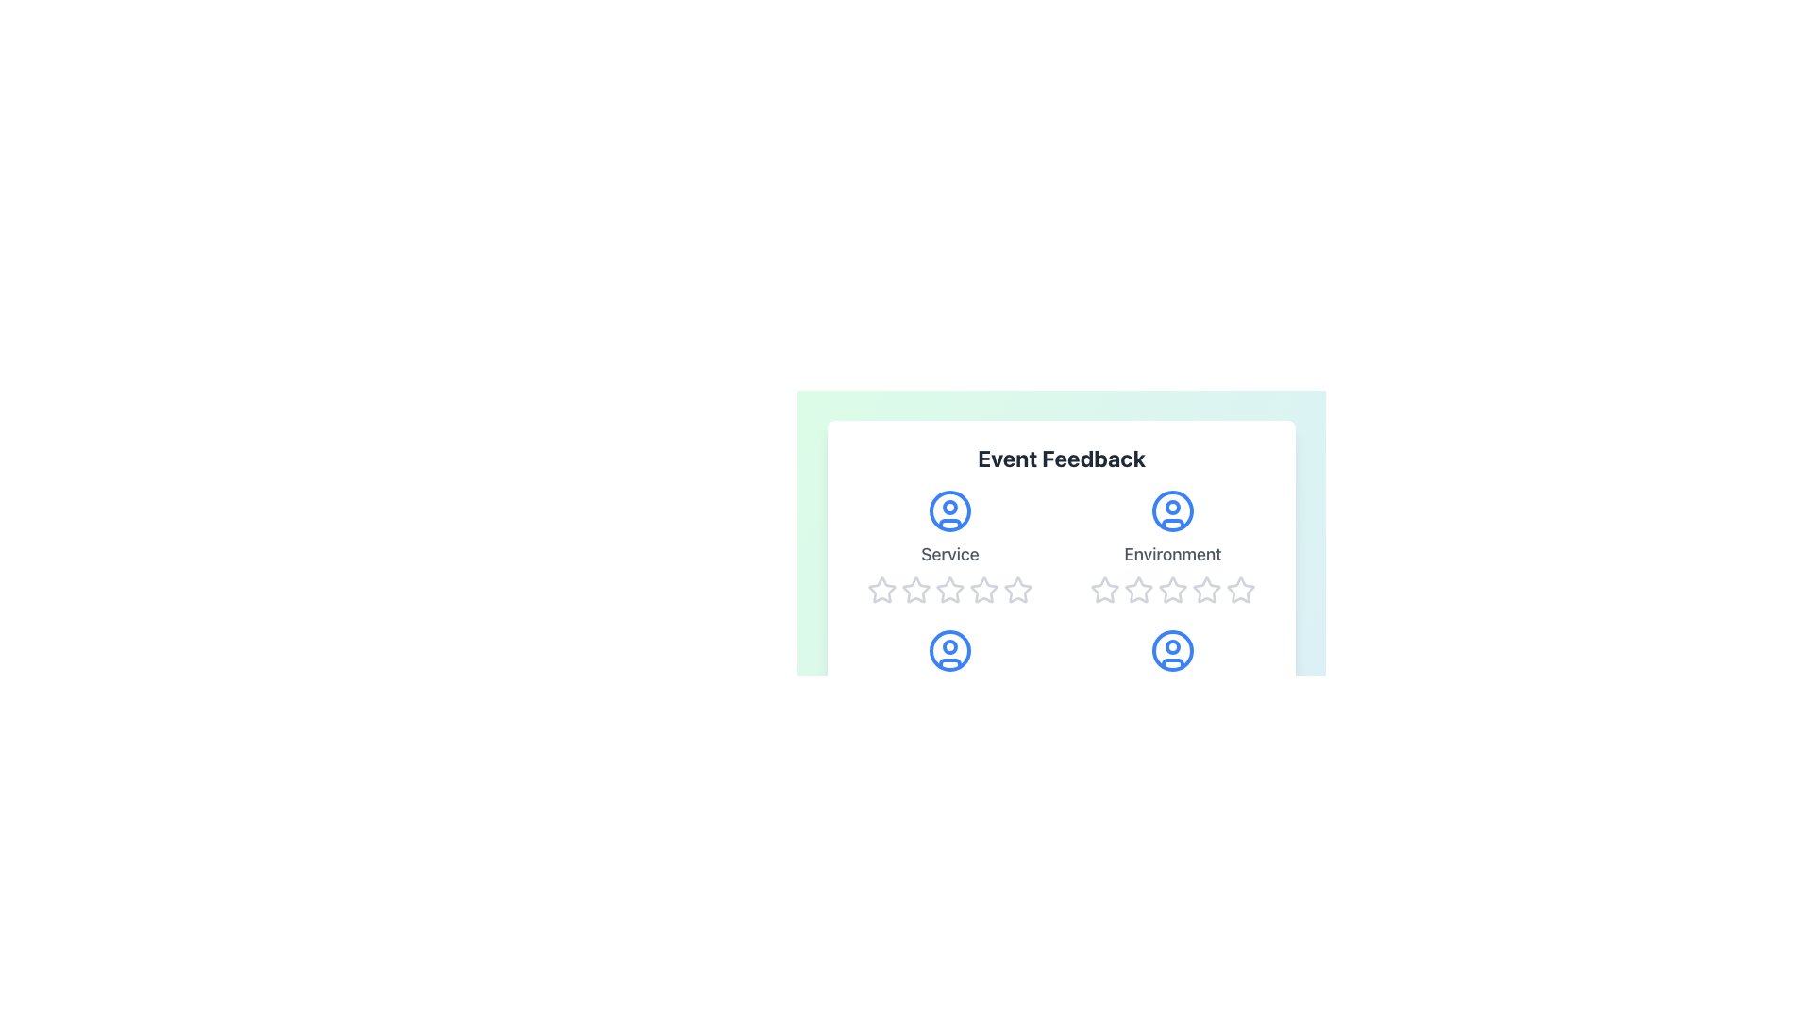 This screenshot has width=1812, height=1019. I want to click on the Rating control component located below the 'Environment' label, so click(1172, 589).